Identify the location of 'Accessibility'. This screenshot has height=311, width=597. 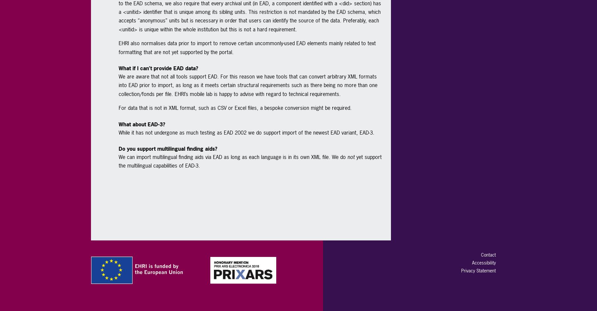
(483, 262).